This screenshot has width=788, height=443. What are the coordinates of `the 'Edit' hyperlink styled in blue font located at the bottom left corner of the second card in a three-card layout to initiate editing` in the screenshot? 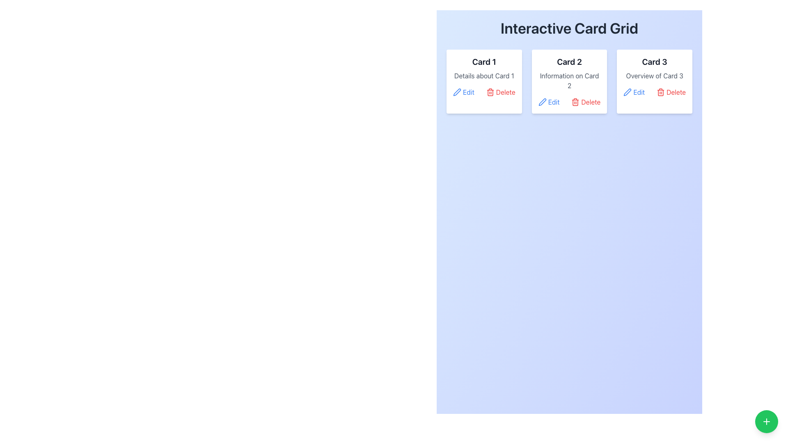 It's located at (554, 102).